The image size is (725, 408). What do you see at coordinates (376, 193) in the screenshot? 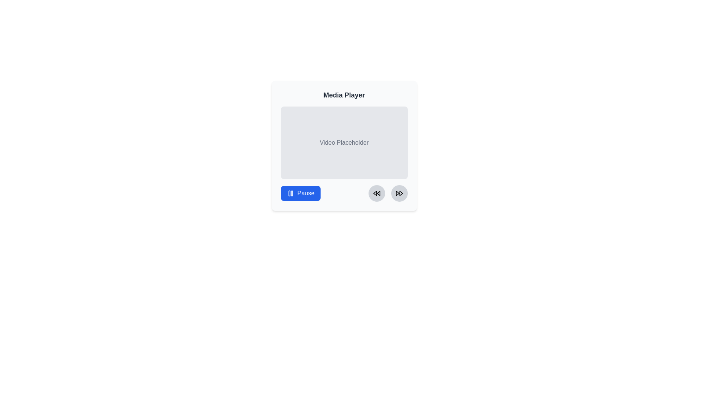
I see `the rewind icon button, which is a circular button with a gray background and a black stroke depicting a rewind symbol` at bounding box center [376, 193].